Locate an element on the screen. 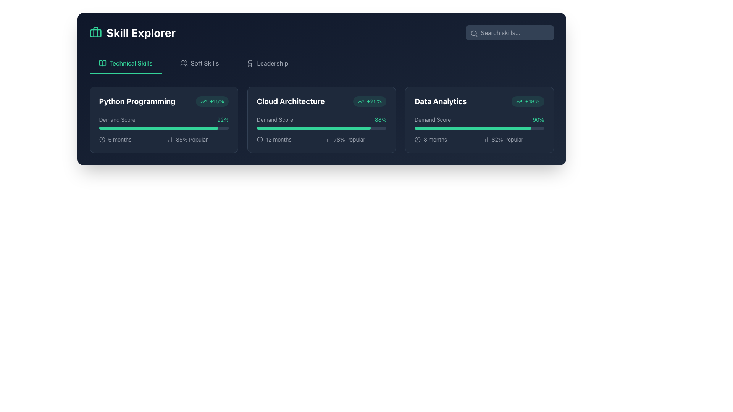 The height and width of the screenshot is (412, 733). the progress bar located within the 'Cloud Architecture' card, specifically below the 'Demand Score' label and the '88%' text is located at coordinates (321, 127).